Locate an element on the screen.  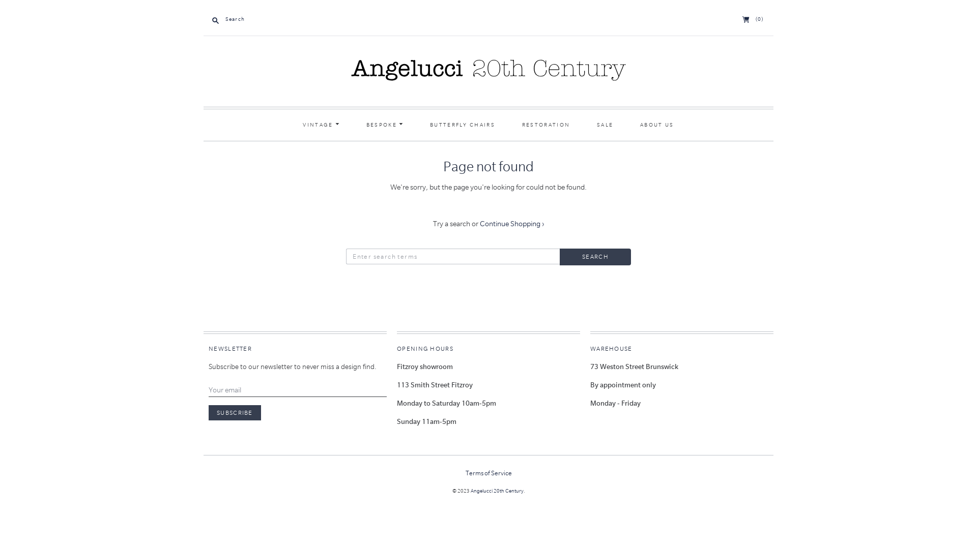
'VINTAGE' is located at coordinates (320, 124).